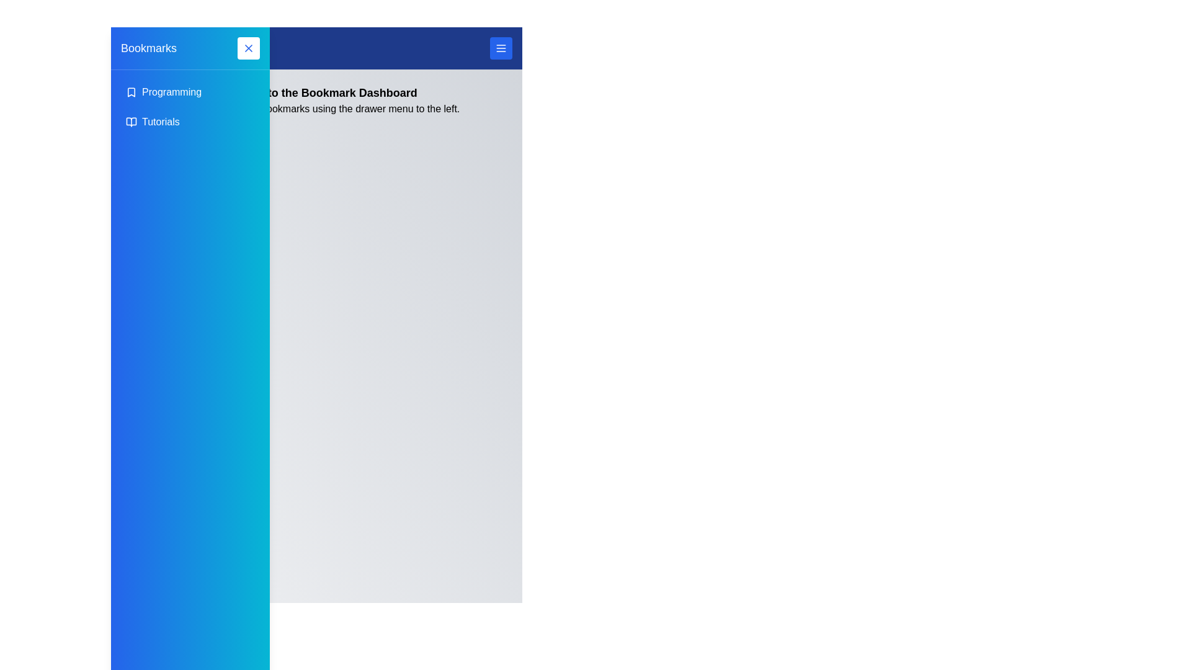  Describe the element at coordinates (131, 122) in the screenshot. I see `the second graphical icon representing a book or open pages in the left sidebar menu, located under the line element and labeled 'Tutorials'` at that location.